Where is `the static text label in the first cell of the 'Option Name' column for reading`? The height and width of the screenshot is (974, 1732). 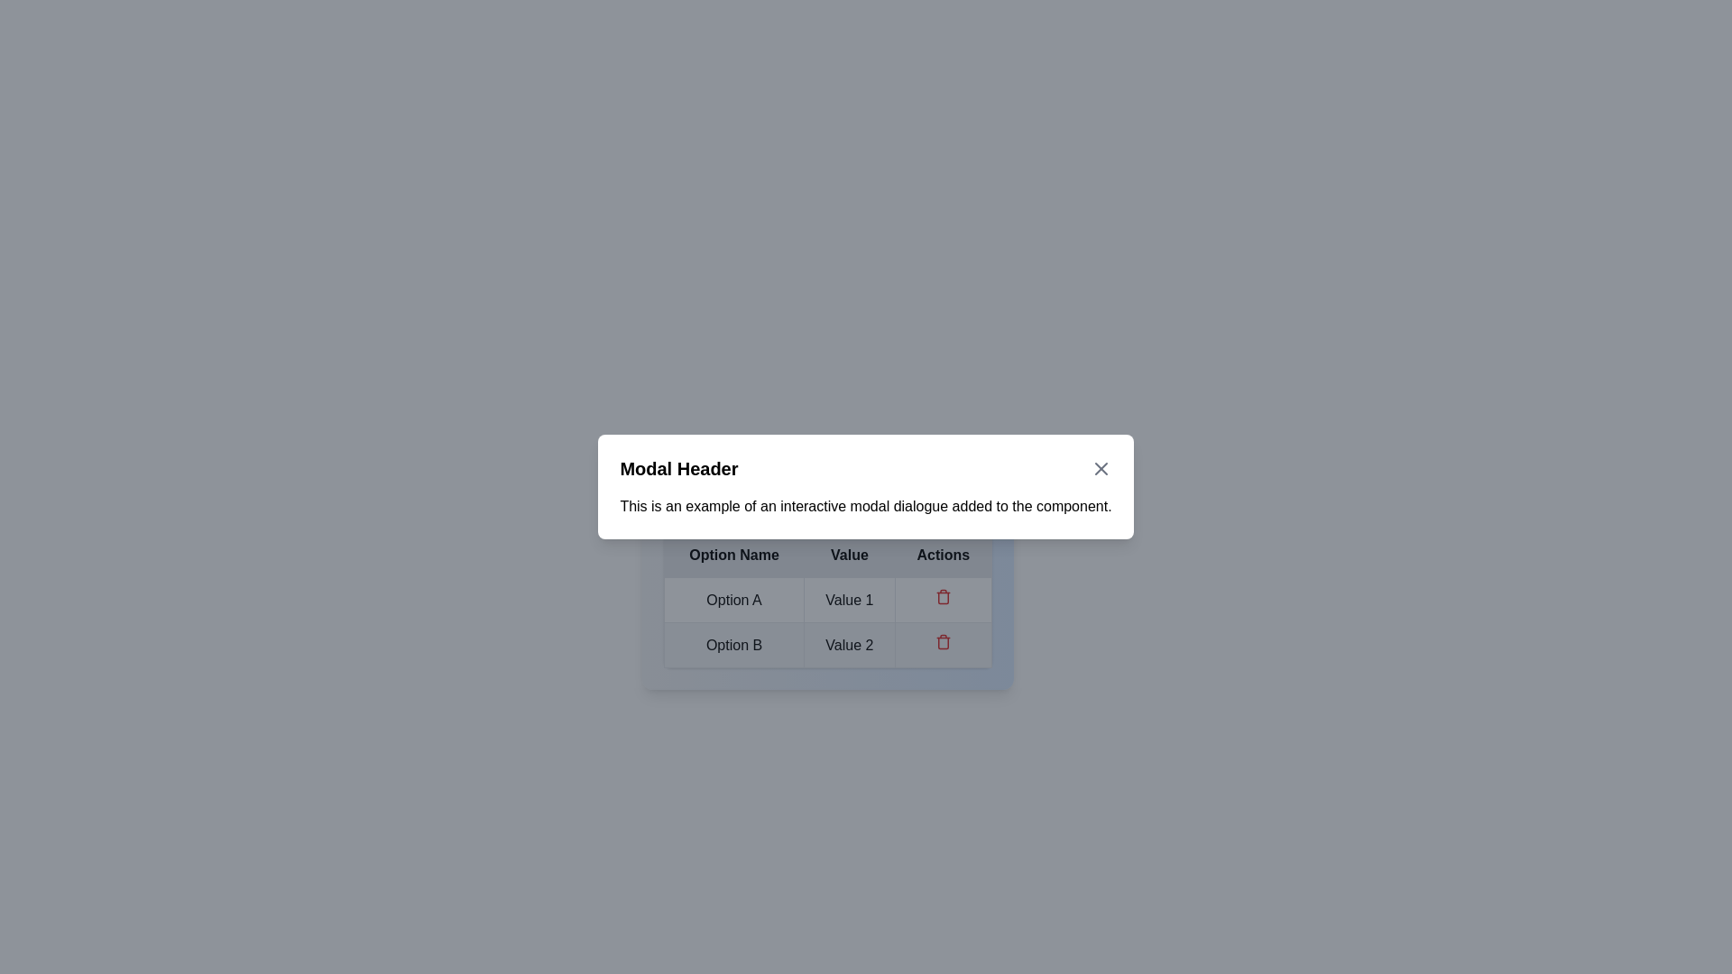 the static text label in the first cell of the 'Option Name' column for reading is located at coordinates (734, 600).